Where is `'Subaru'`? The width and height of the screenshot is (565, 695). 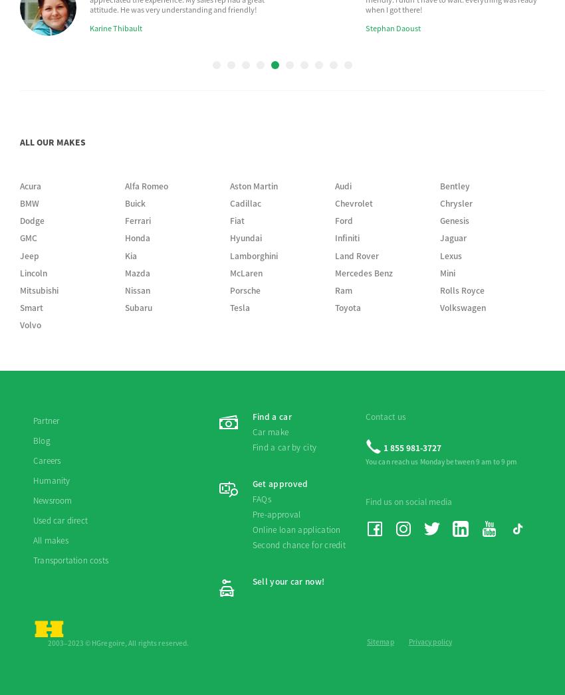 'Subaru' is located at coordinates (138, 56).